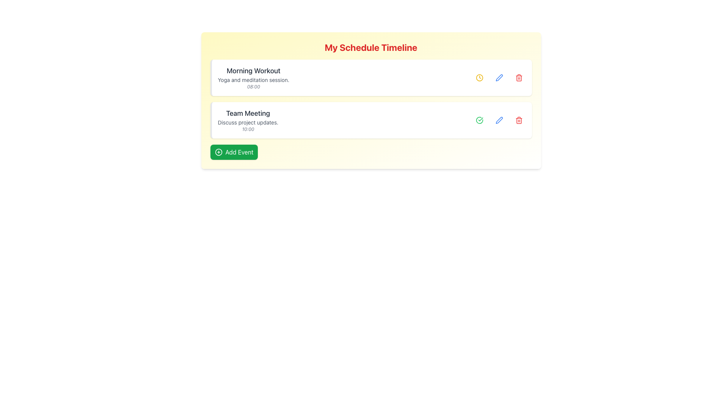 This screenshot has width=728, height=410. I want to click on the red trash can icon button on the rightmost side of the first row associated with the 'Morning Workout' entry, so click(518, 77).